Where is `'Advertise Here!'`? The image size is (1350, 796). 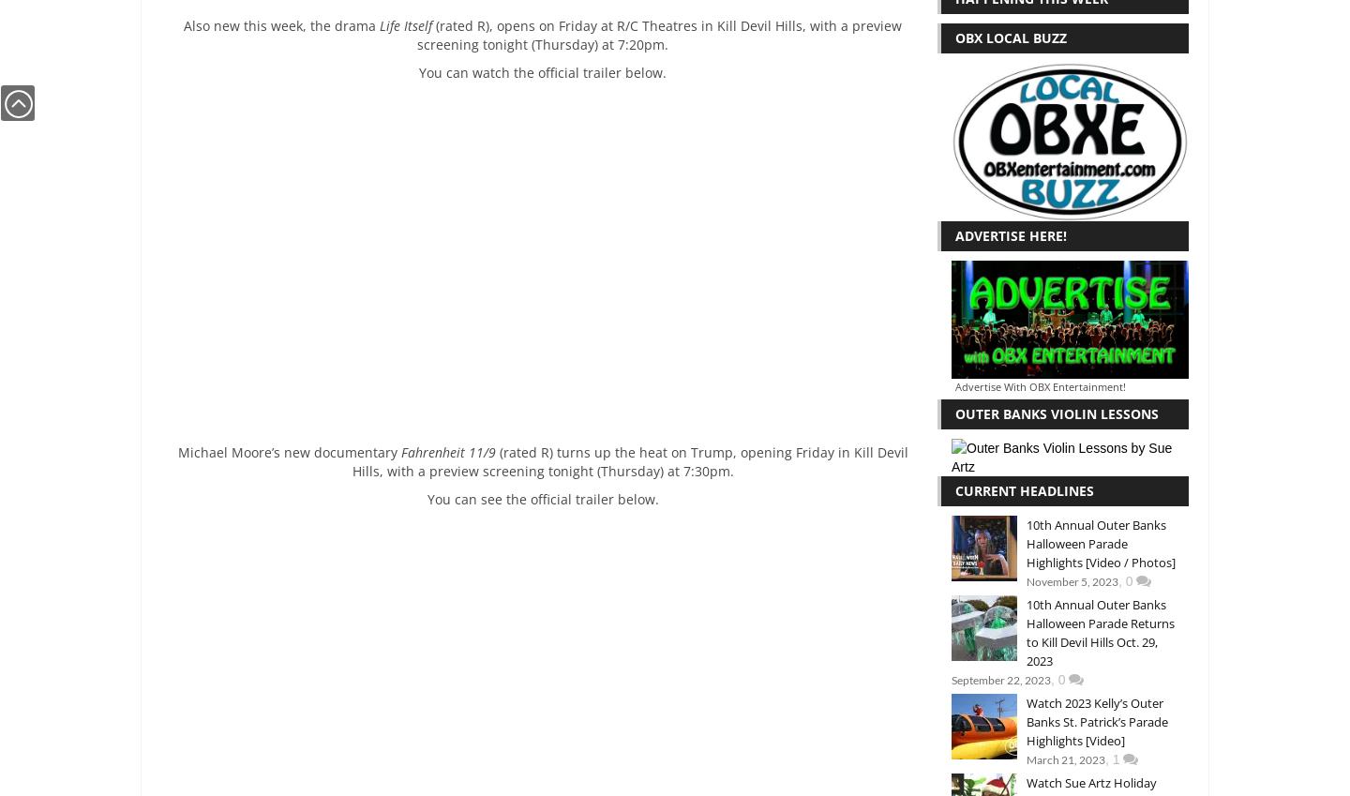
'Advertise Here!' is located at coordinates (1011, 234).